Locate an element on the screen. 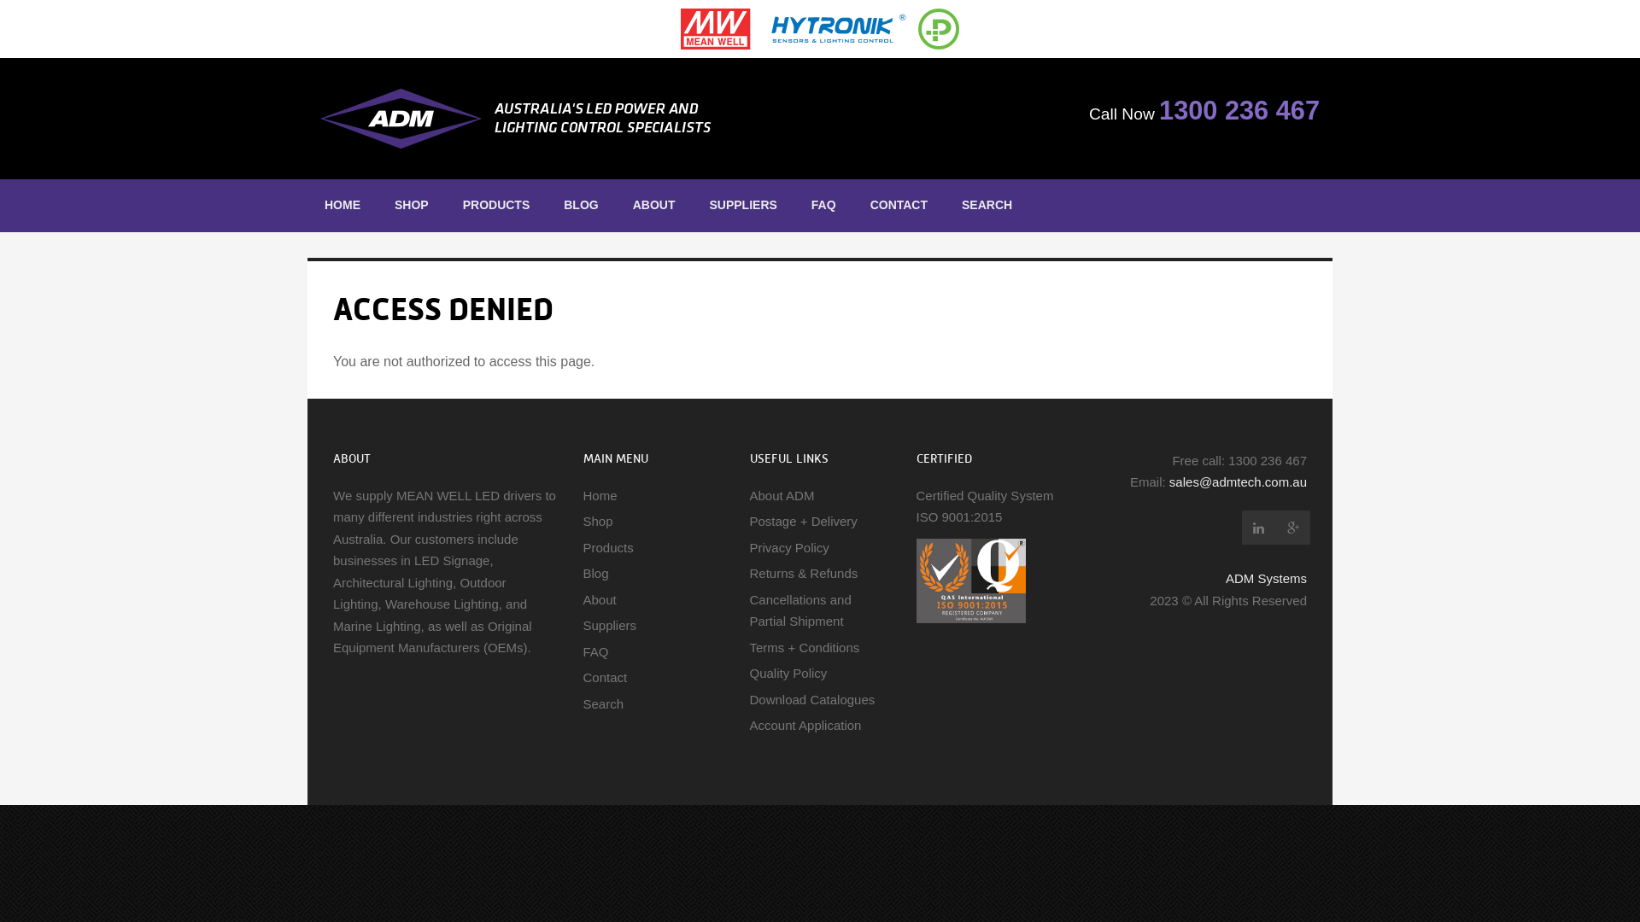  'Returns & Refunds' is located at coordinates (803, 573).